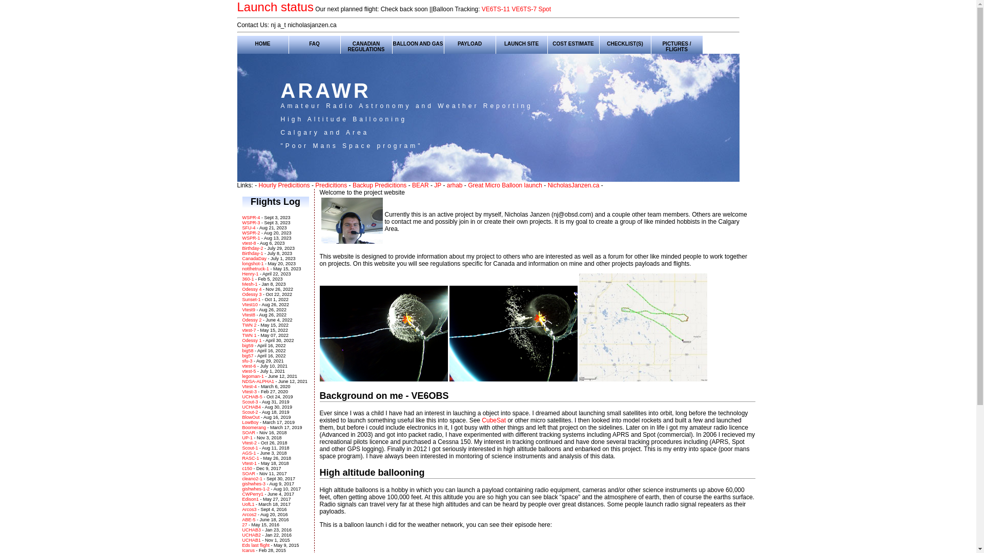 This screenshot has height=553, width=984. Describe the element at coordinates (624, 42) in the screenshot. I see `'CHECKLIST(S)'` at that location.